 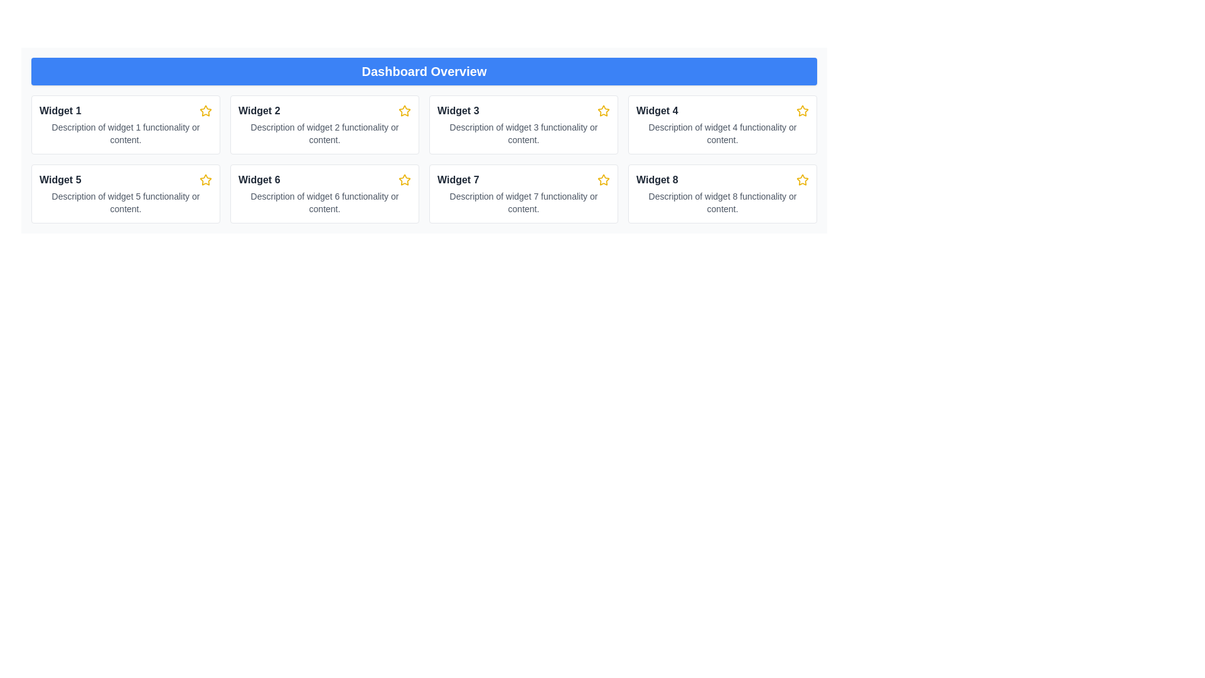 I want to click on the text label that identifies 'Widget 8' located in the bottom-right corner of the grid layout, so click(x=656, y=180).